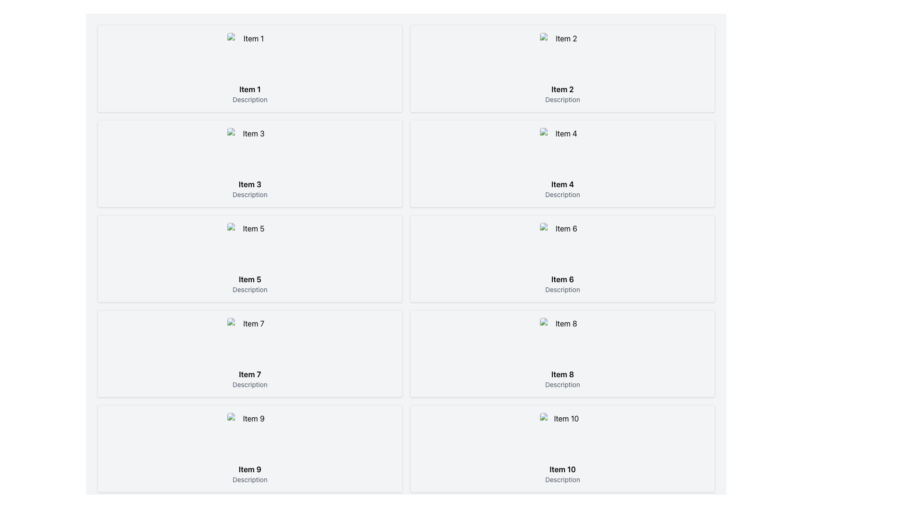 The image size is (904, 508). I want to click on the image representing 'Item 4' located, so click(563, 150).